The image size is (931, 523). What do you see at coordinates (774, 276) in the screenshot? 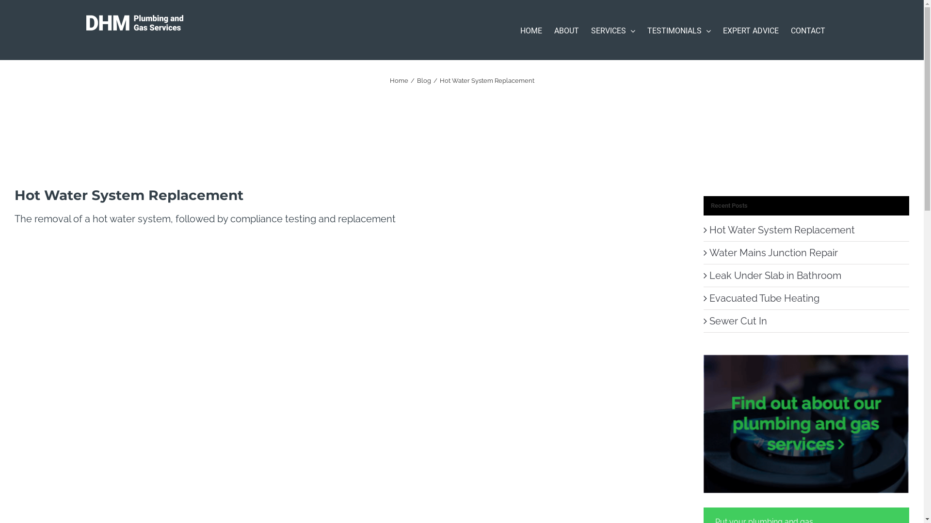
I see `'Leak Under Slab in Bathroom'` at bounding box center [774, 276].